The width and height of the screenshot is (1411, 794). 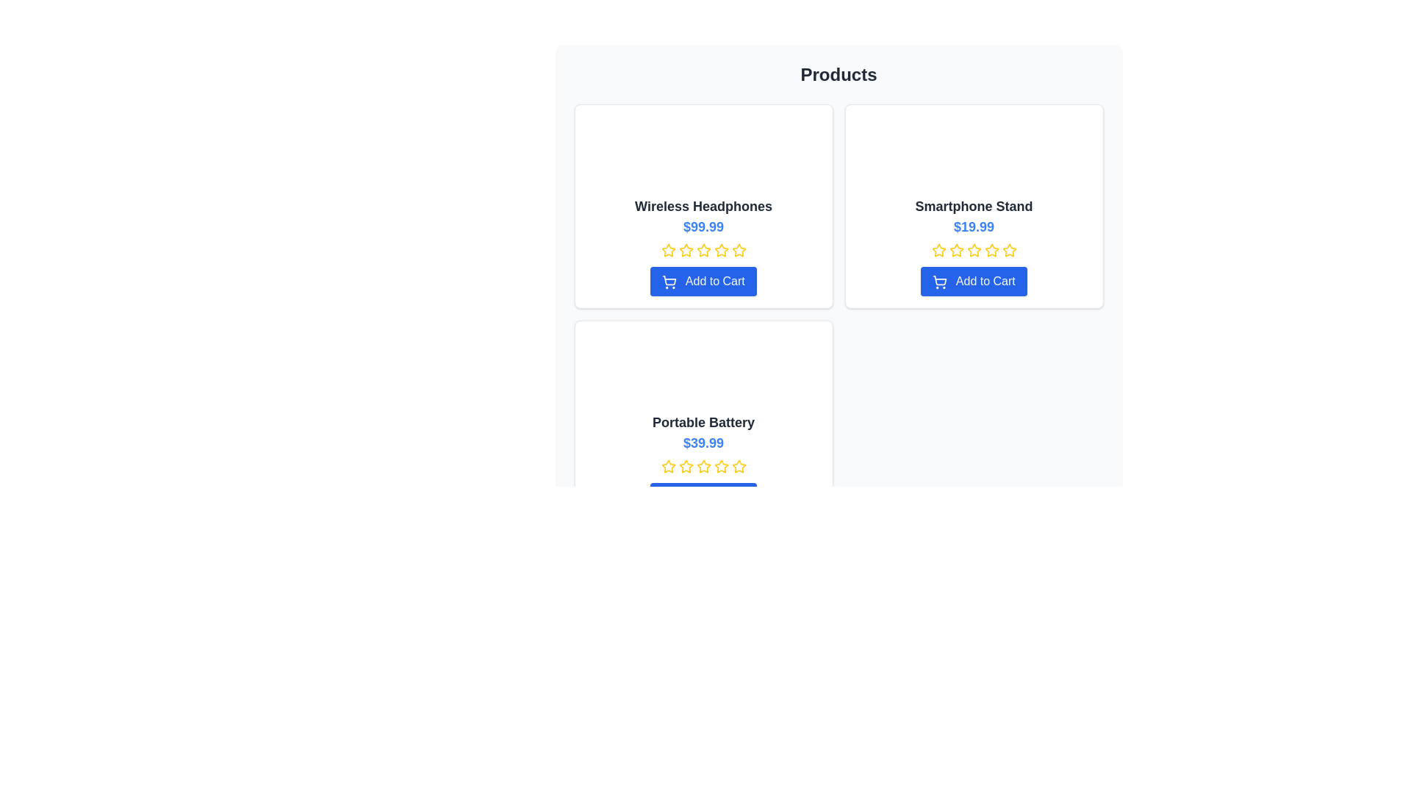 What do you see at coordinates (974, 249) in the screenshot?
I see `the third star in the row of five rating stars, which is highlighted, located in the 'Smartphone Stand' product card` at bounding box center [974, 249].